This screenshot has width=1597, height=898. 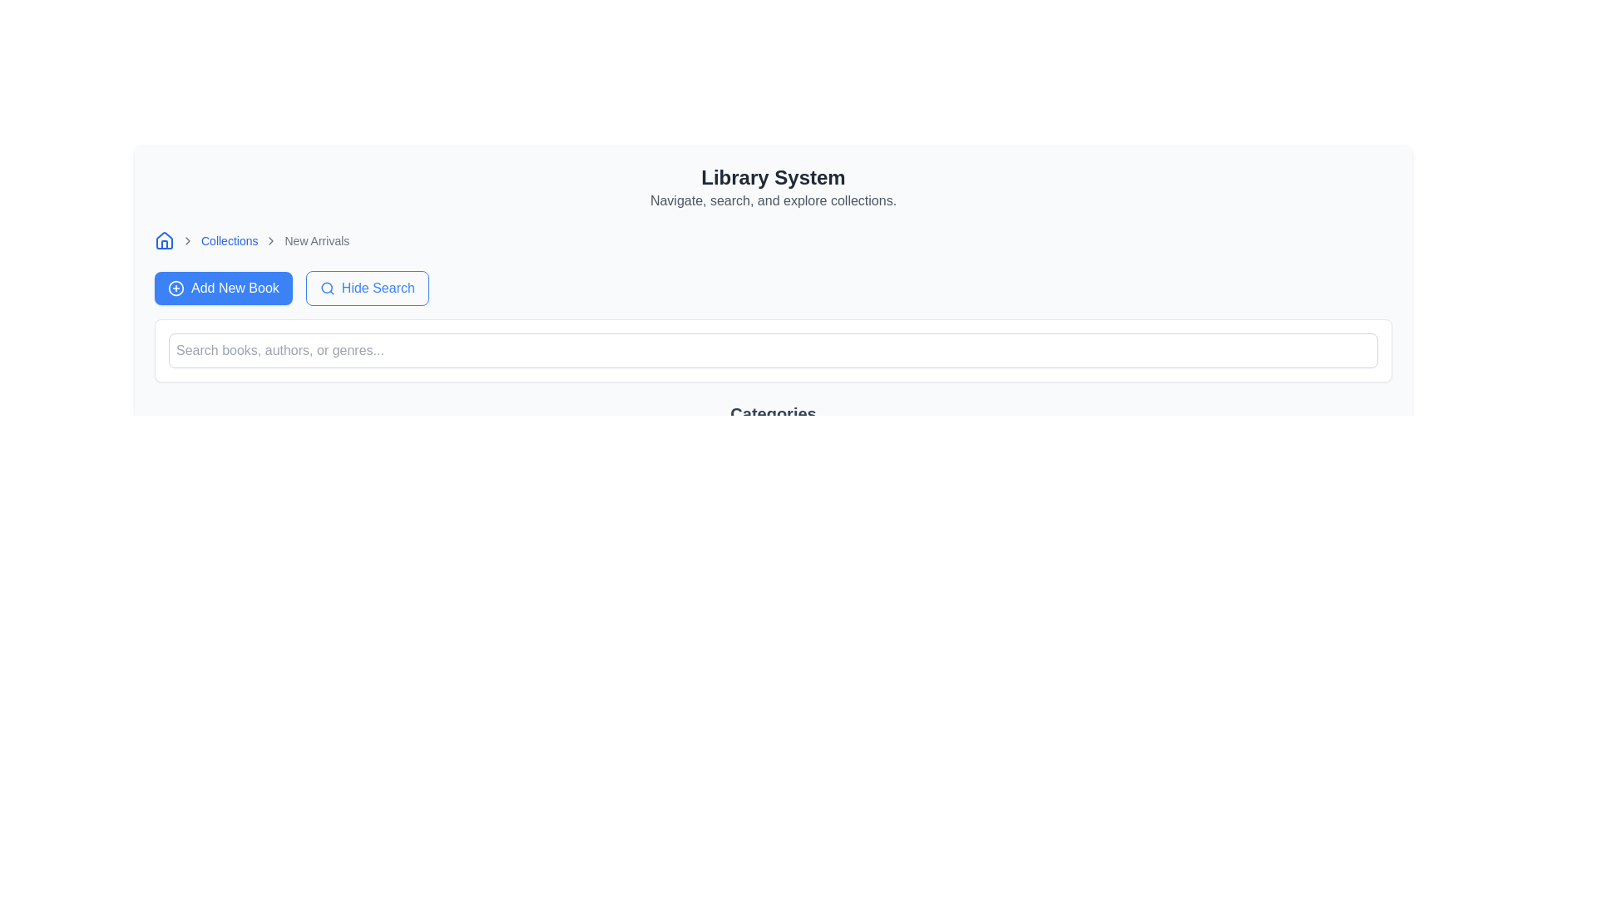 What do you see at coordinates (222, 288) in the screenshot?
I see `the 'Add New Book' button located to the left of the 'Hide Search' button in the navigation section, near the top of the page` at bounding box center [222, 288].